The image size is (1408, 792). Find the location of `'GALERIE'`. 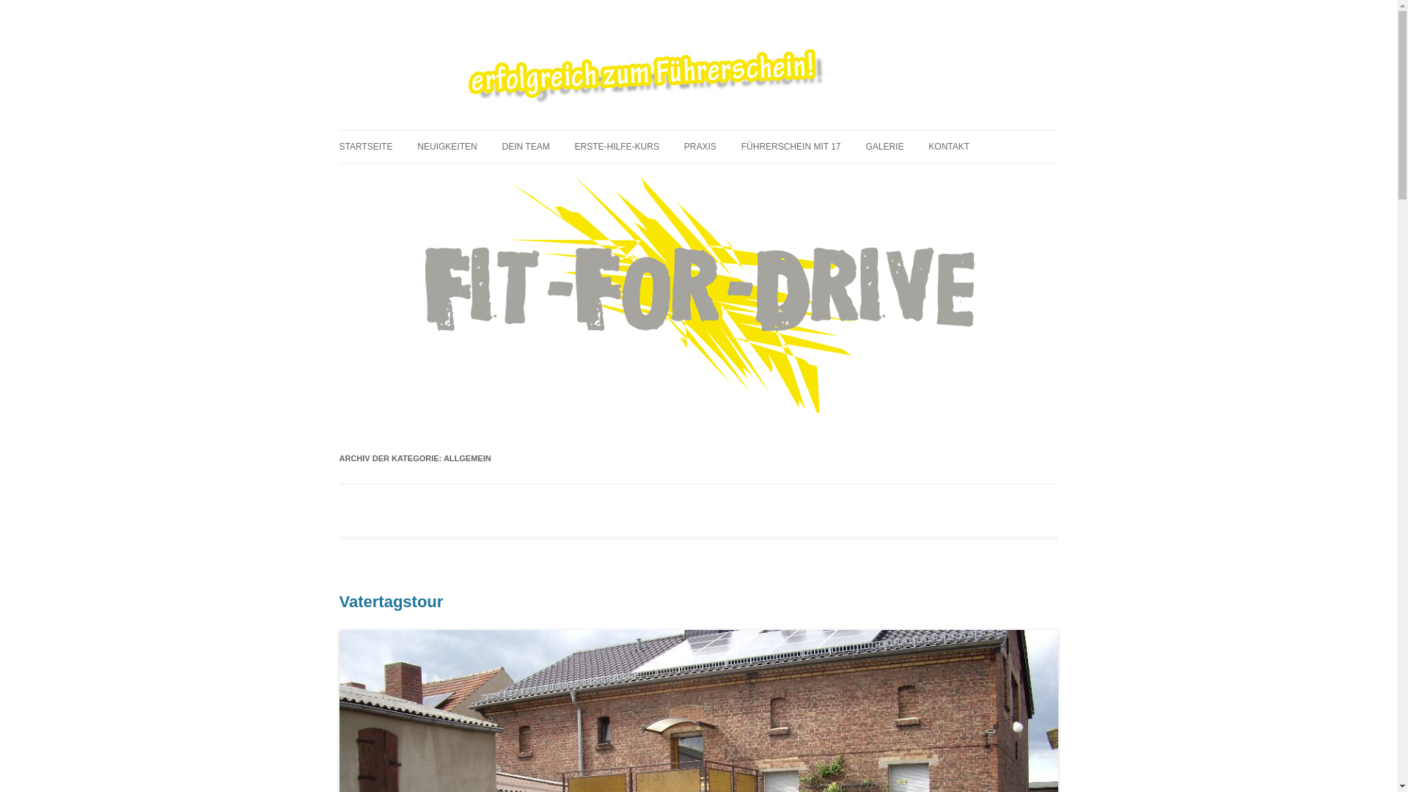

'GALERIE' is located at coordinates (865, 147).